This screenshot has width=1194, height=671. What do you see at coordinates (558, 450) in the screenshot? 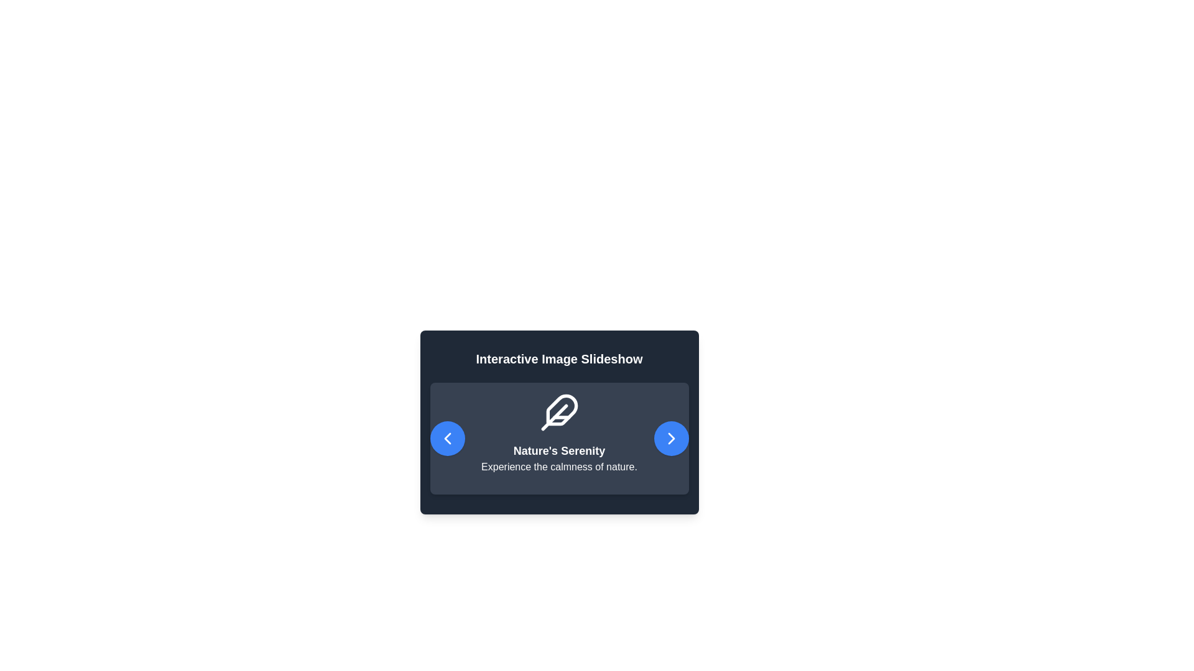
I see `text of the title element labeled 'Nature's Serenity', which is centrally located within its card component, positioned above the smaller text element and below the feather icon` at bounding box center [558, 450].